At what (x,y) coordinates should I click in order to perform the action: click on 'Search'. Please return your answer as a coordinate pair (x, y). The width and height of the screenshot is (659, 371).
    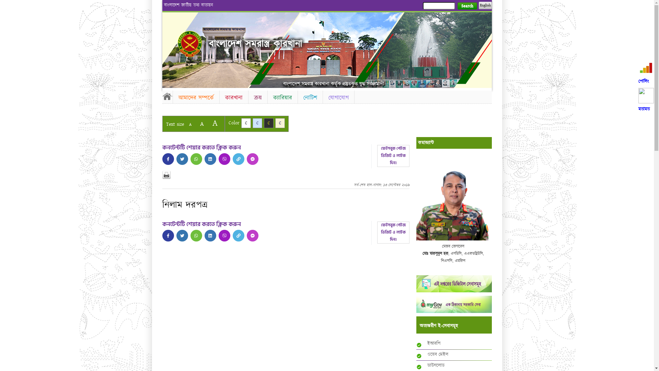
    Looking at the image, I should click on (467, 6).